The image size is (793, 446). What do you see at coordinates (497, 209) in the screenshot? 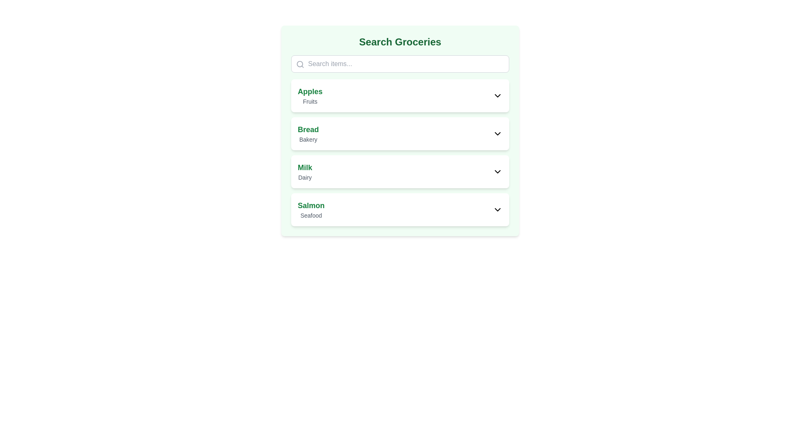
I see `the chevron icon at the far right of the 'Salmon Seafood' entry` at bounding box center [497, 209].